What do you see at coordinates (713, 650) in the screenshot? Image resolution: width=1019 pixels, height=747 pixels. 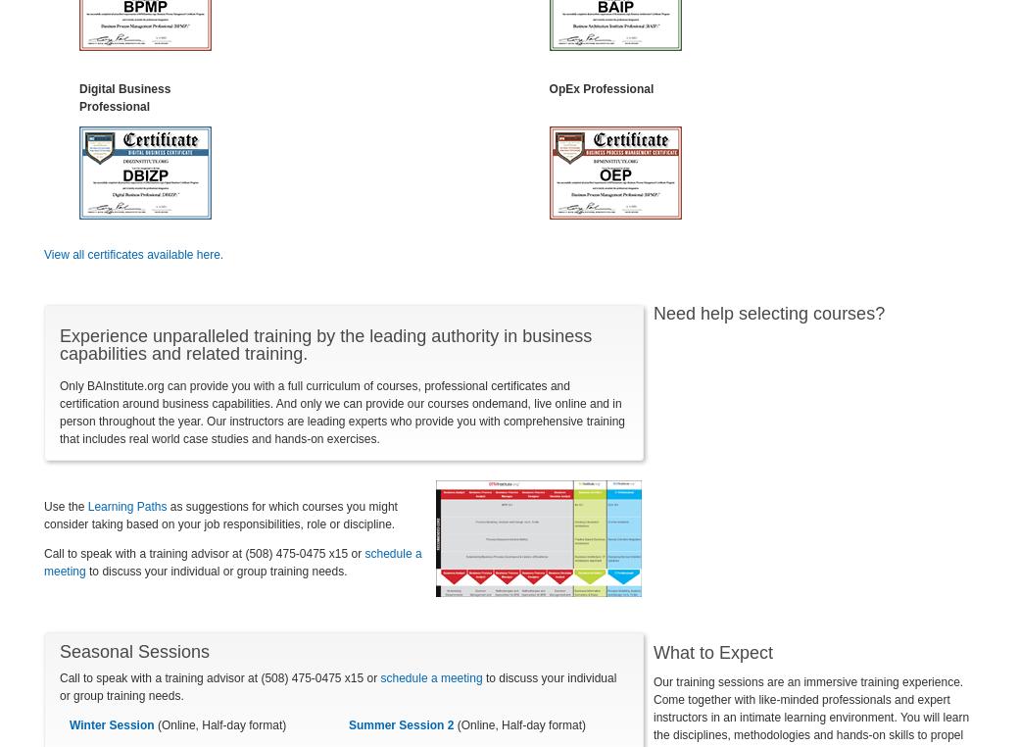 I see `'What to Expect'` at bounding box center [713, 650].